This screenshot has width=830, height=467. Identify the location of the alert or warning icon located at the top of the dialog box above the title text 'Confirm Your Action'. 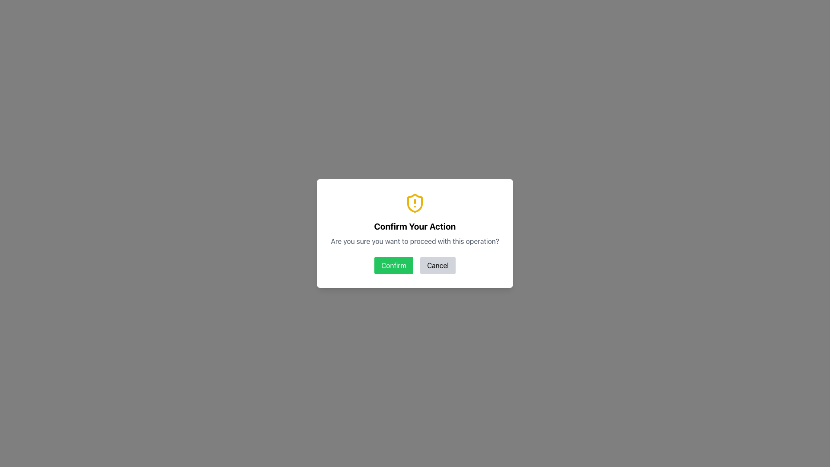
(415, 203).